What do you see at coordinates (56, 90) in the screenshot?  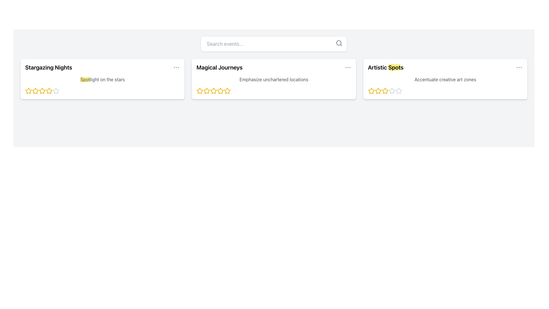 I see `the fifth gray star icon in the five-star rating system under the text 'Stargazing Nights'` at bounding box center [56, 90].